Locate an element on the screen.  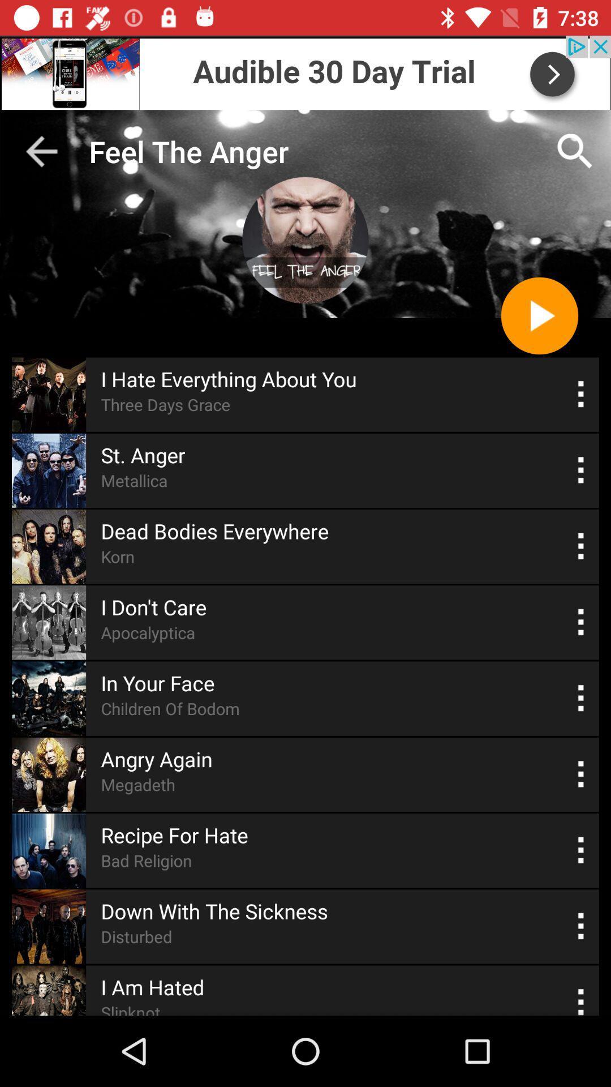
see the options is located at coordinates (581, 774).